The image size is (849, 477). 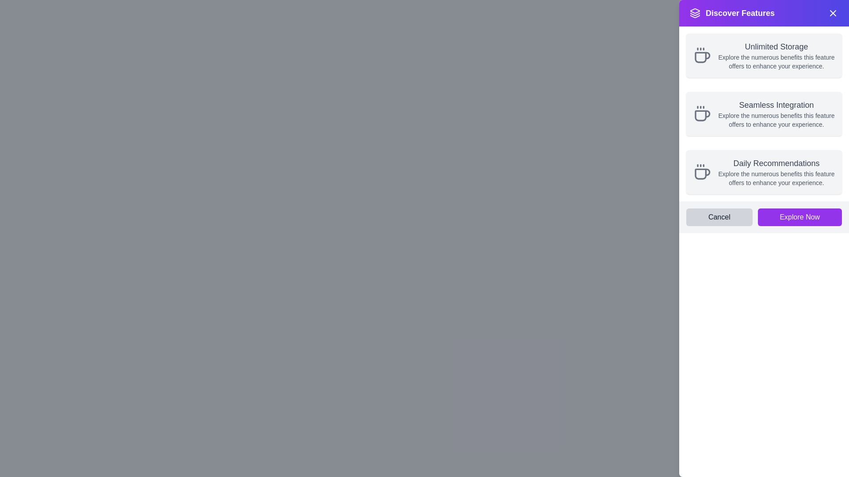 I want to click on the graphical vector shape representing the coffee cup icon within the 'Discover Features' section to trigger potential tooltips, so click(x=702, y=174).